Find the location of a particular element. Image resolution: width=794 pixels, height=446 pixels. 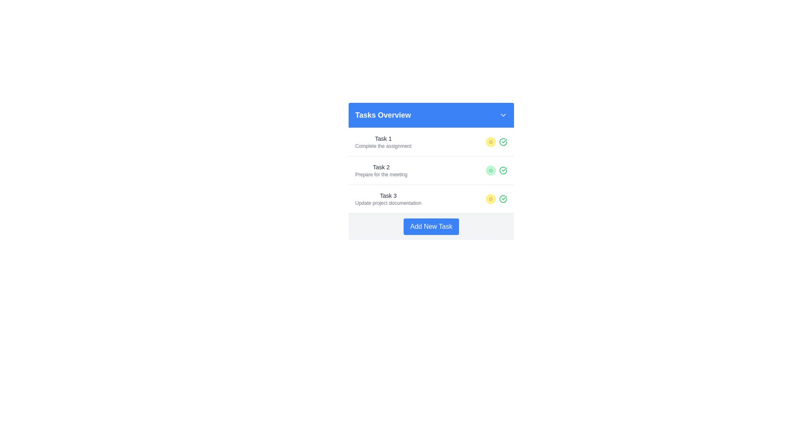

the distinctive button located at the bottom of the interface is located at coordinates (430, 226).